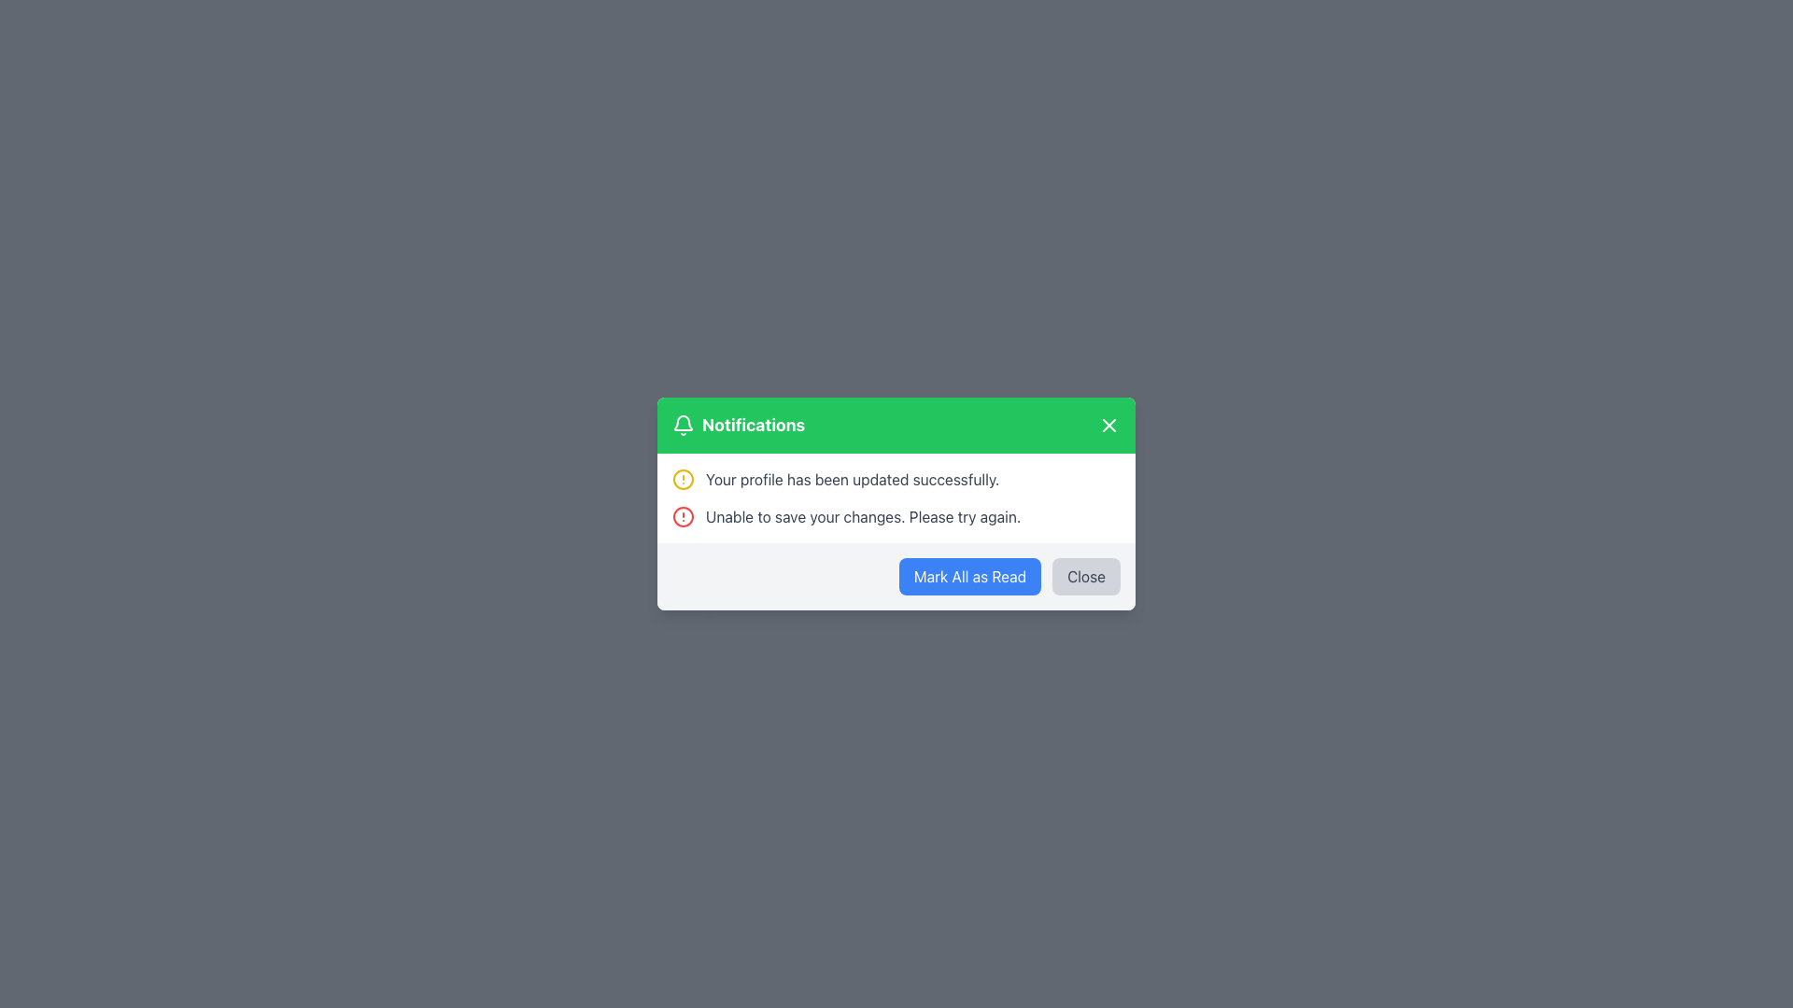 The width and height of the screenshot is (1793, 1008). What do you see at coordinates (682, 423) in the screenshot?
I see `the notification icon located at the top-left corner of the green header bar in the notification modal, which is immediately to the left of the text 'Notifications'` at bounding box center [682, 423].